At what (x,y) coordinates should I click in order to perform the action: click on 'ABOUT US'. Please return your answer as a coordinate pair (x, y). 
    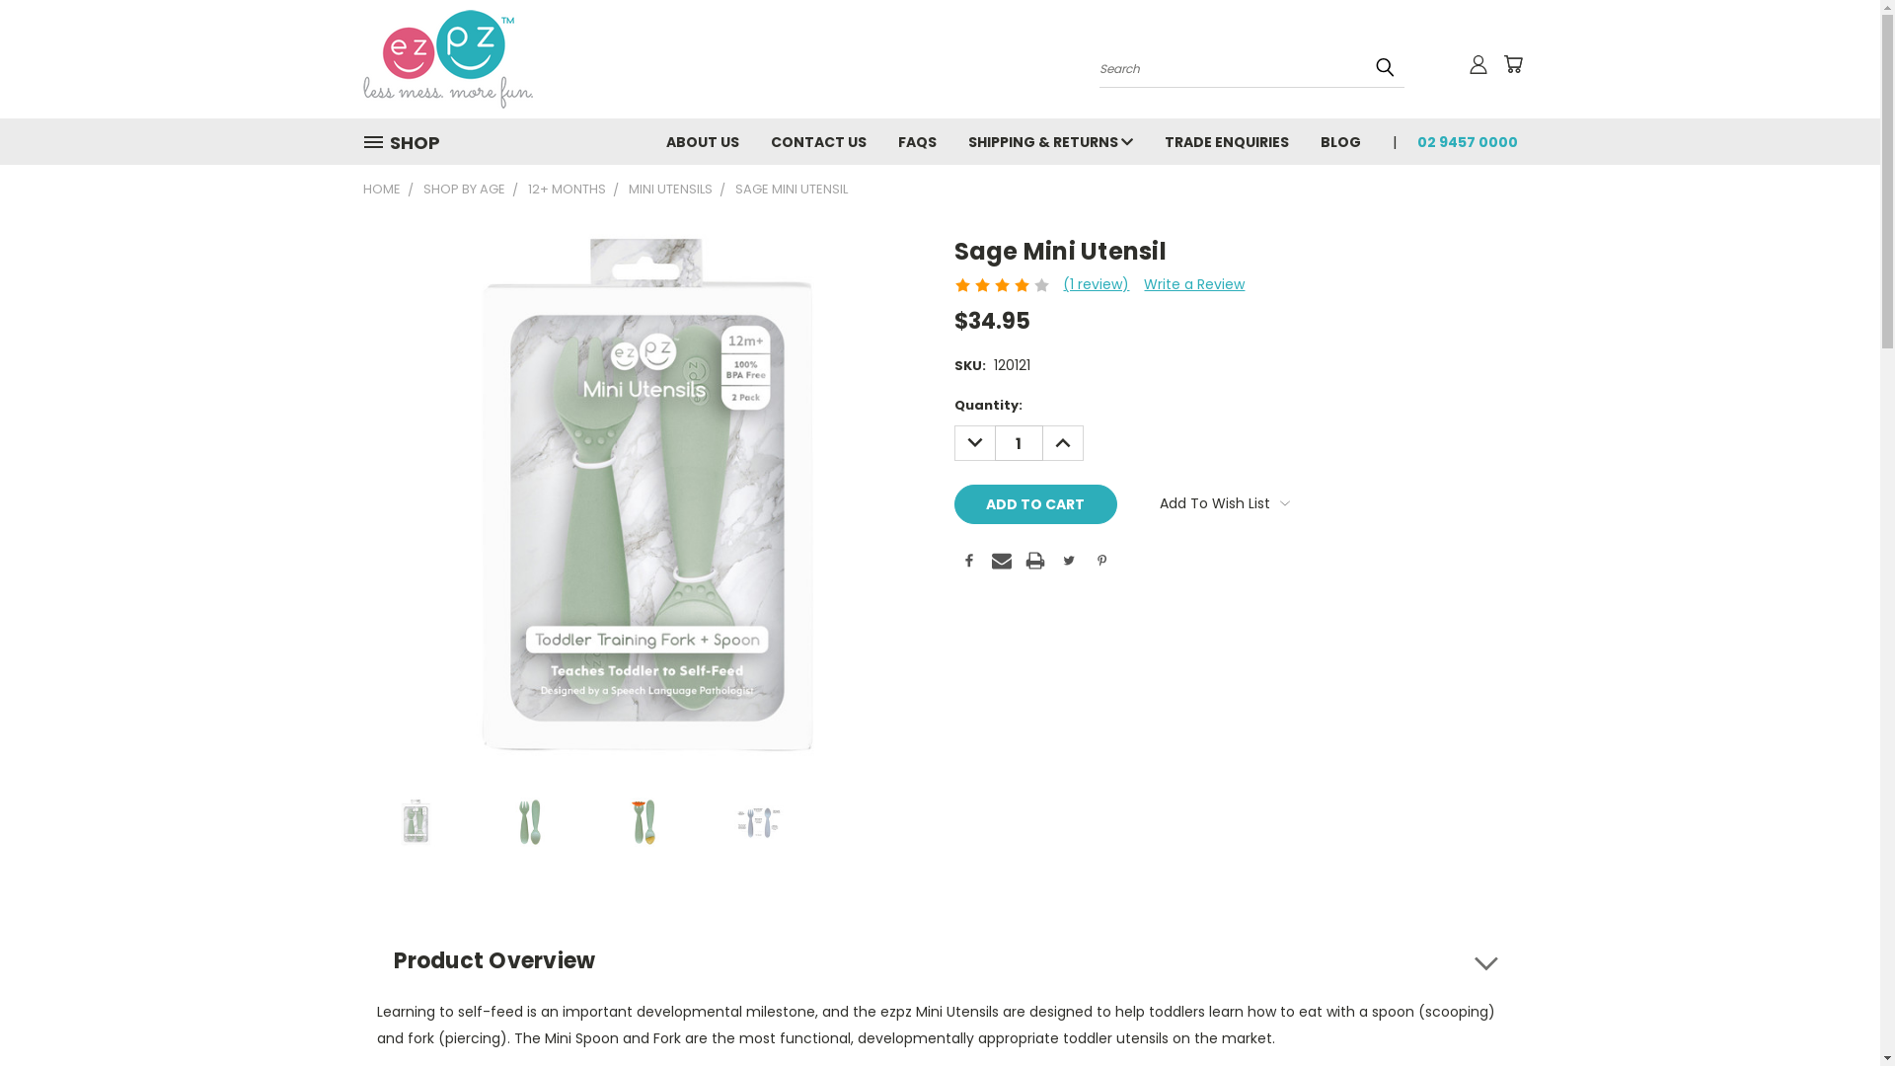
    Looking at the image, I should click on (701, 139).